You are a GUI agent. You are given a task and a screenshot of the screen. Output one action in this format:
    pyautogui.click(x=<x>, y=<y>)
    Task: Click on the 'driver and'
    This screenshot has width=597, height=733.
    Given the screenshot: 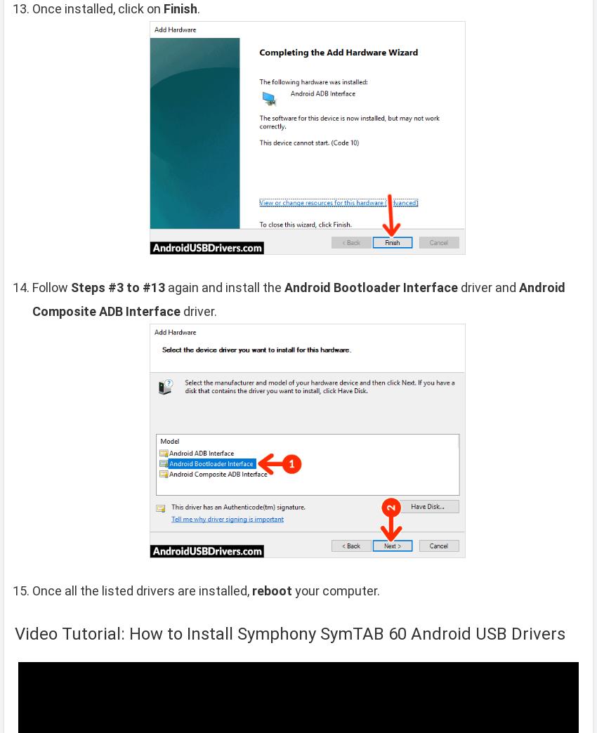 What is the action you would take?
    pyautogui.click(x=487, y=286)
    